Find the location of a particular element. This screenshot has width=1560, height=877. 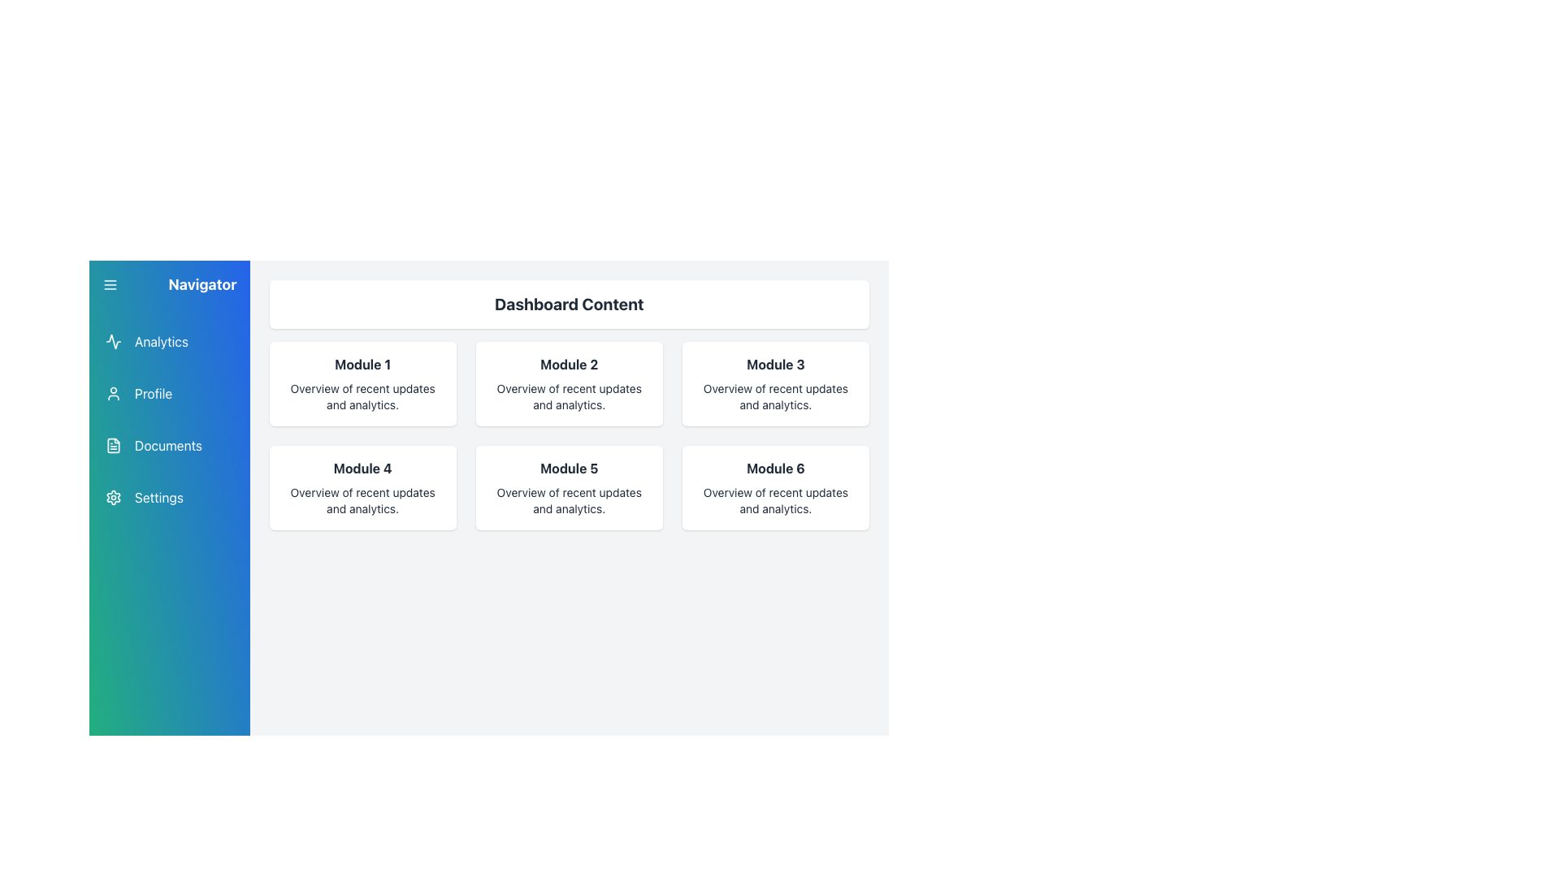

the text label displaying 'Overview of recent updates and analytics.' which is styled with a small font size and gray text color, positioned below the bold header 'Module 3' is located at coordinates (775, 397).